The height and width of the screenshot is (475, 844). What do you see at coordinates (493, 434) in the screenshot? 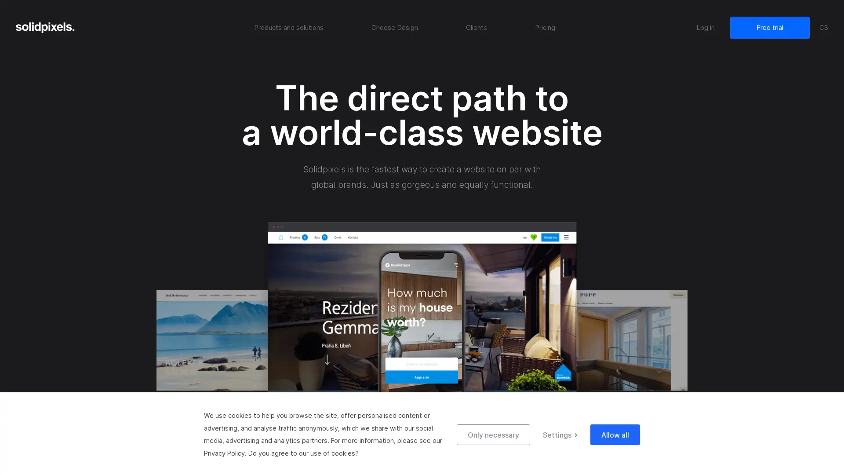
I see `Only necessary` at bounding box center [493, 434].